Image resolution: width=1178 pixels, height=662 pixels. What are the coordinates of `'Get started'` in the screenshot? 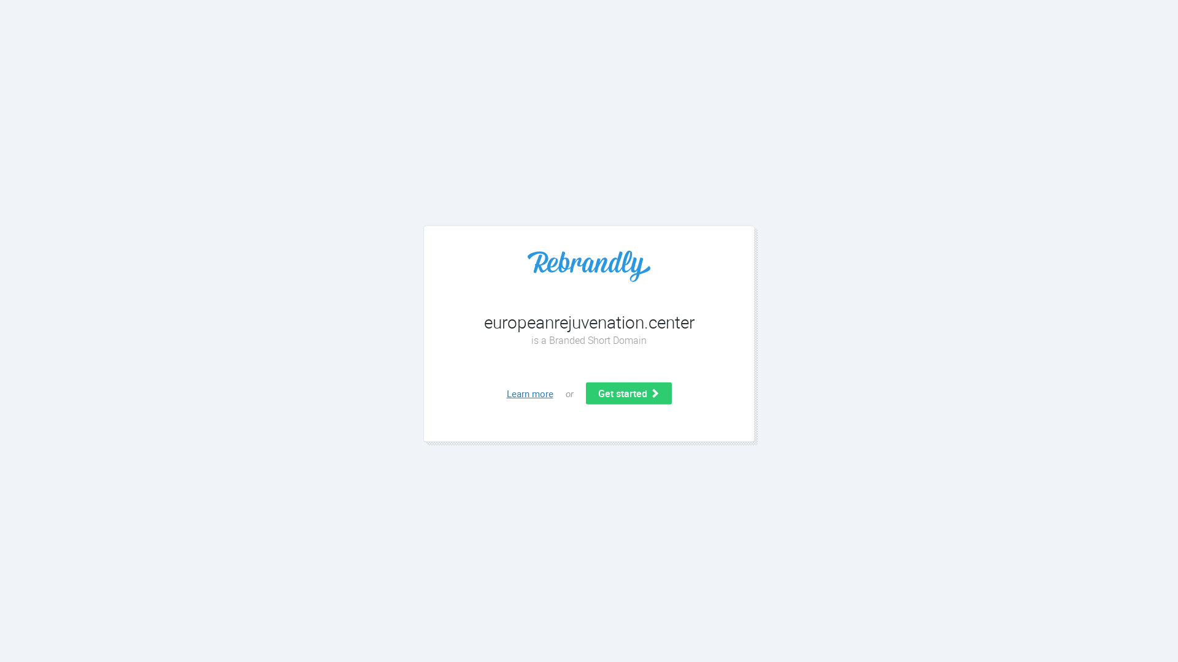 It's located at (628, 393).